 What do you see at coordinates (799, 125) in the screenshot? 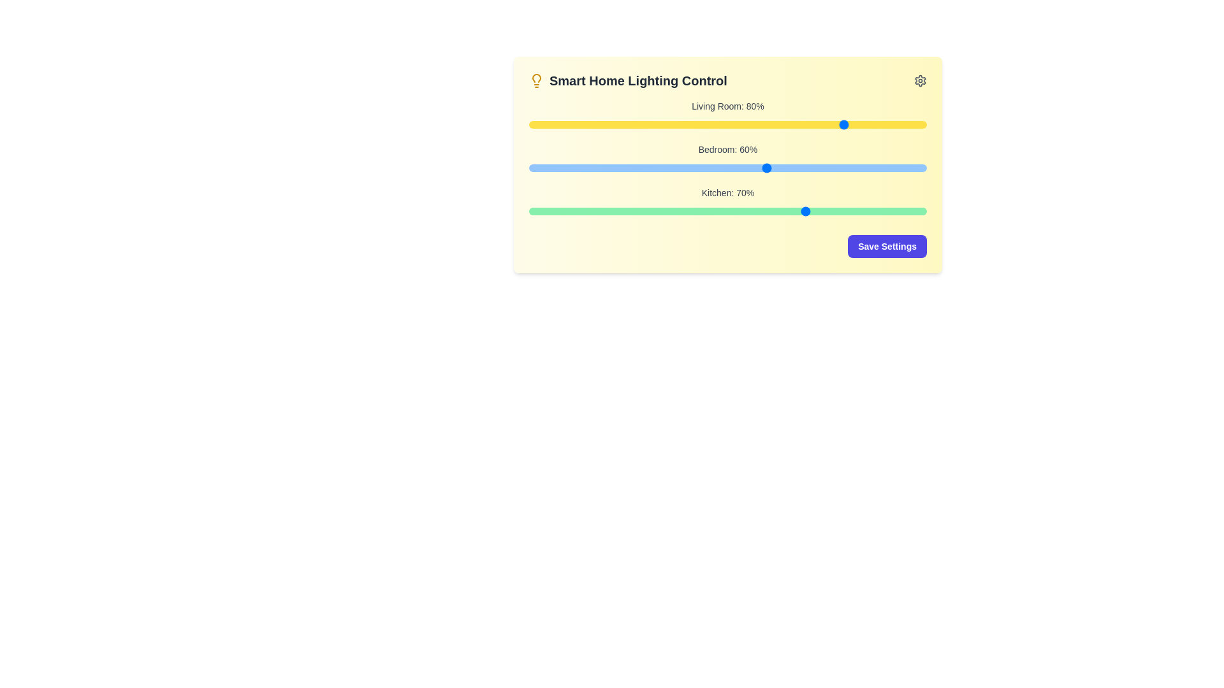
I see `the Living Room brightness` at bounding box center [799, 125].